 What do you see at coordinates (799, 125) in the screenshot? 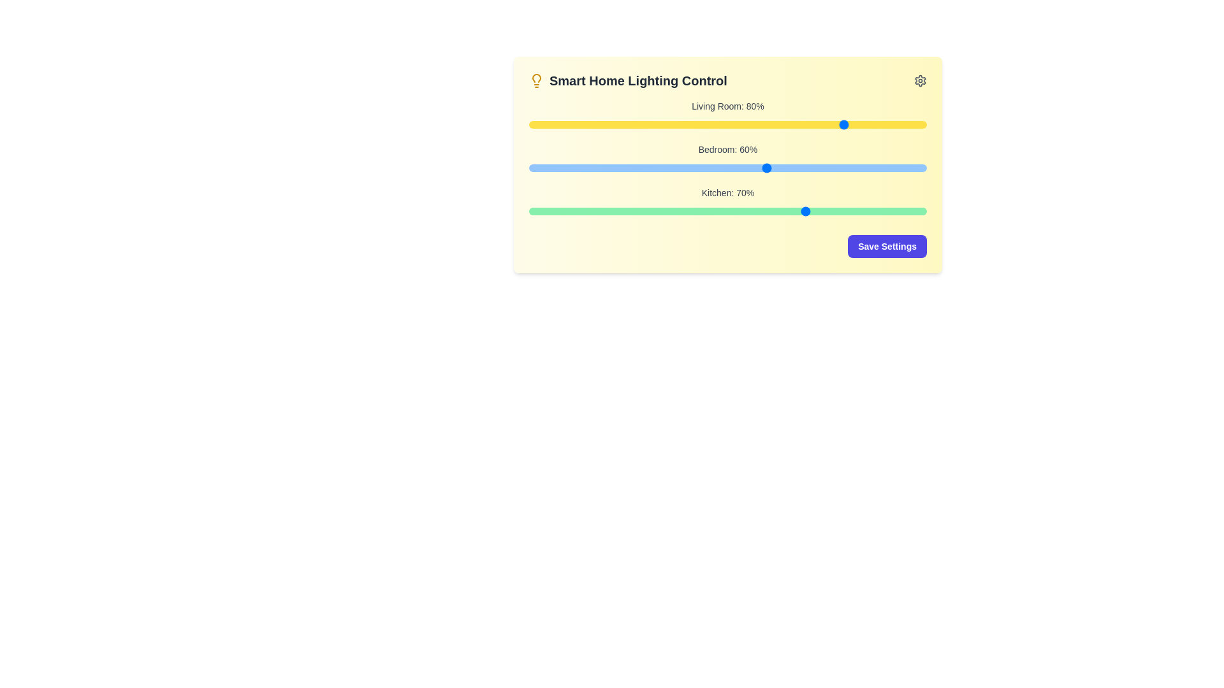
I see `the Living Room brightness` at bounding box center [799, 125].